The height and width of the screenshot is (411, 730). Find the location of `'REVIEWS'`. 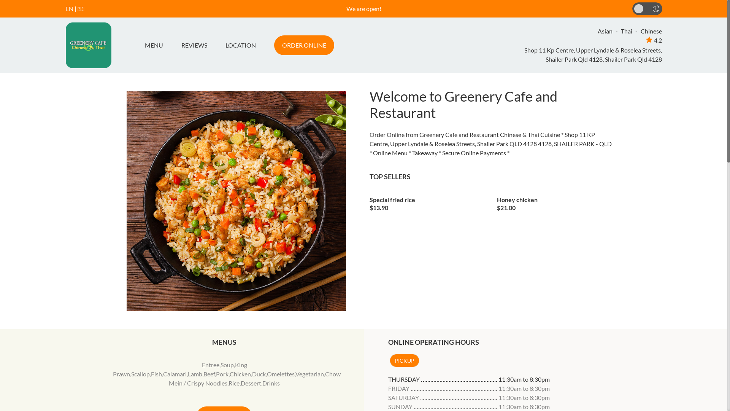

'REVIEWS' is located at coordinates (194, 45).